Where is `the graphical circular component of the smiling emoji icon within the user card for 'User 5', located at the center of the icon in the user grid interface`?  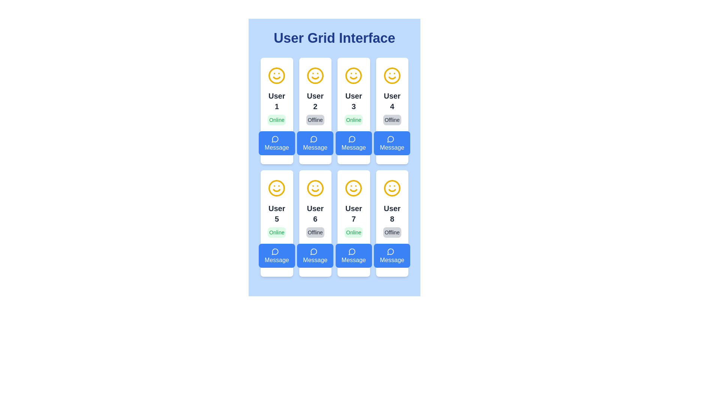
the graphical circular component of the smiling emoji icon within the user card for 'User 5', located at the center of the icon in the user grid interface is located at coordinates (276, 187).